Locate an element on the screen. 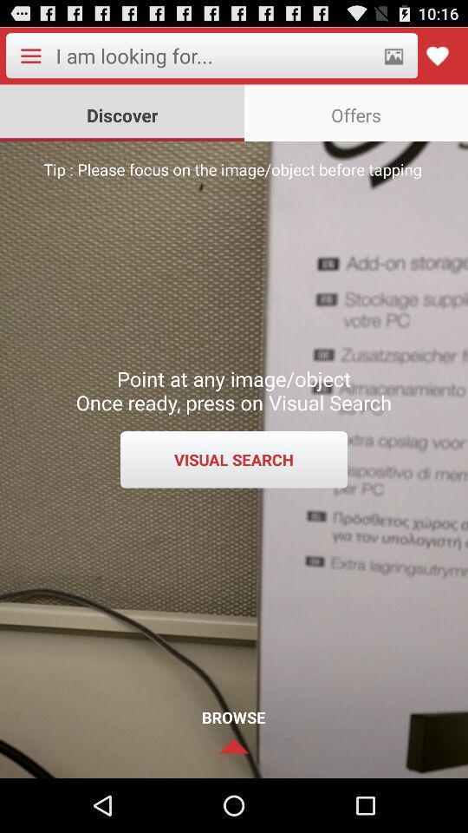  the heart icon below the notification bar is located at coordinates (437, 56).